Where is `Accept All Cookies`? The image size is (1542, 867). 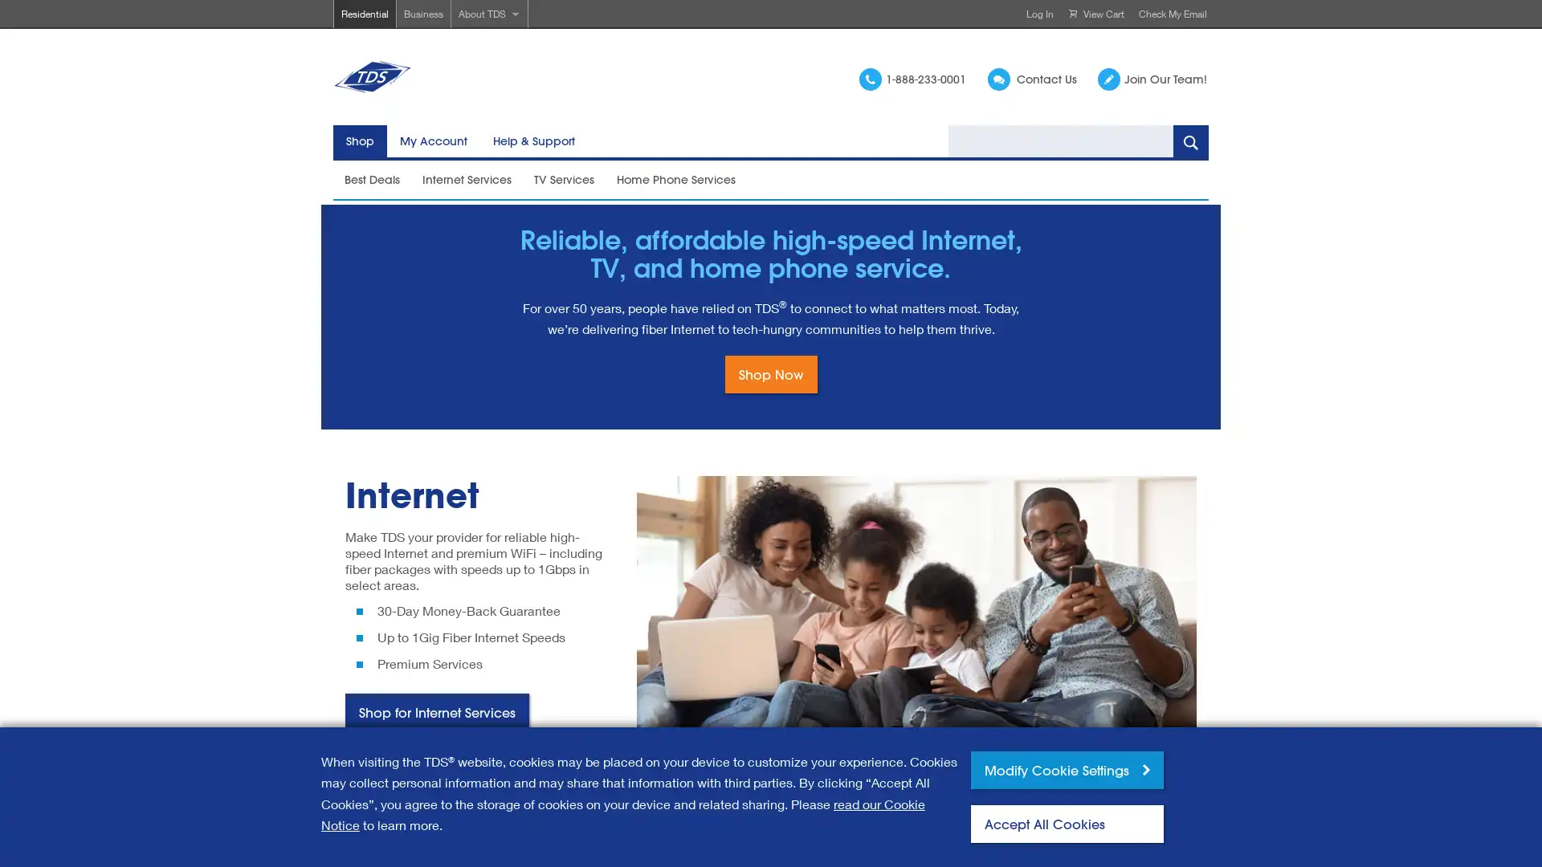 Accept All Cookies is located at coordinates (1067, 824).